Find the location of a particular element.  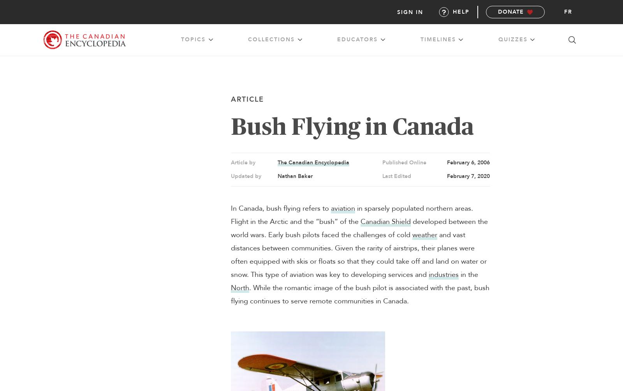

'transportation' is located at coordinates (355, 58).